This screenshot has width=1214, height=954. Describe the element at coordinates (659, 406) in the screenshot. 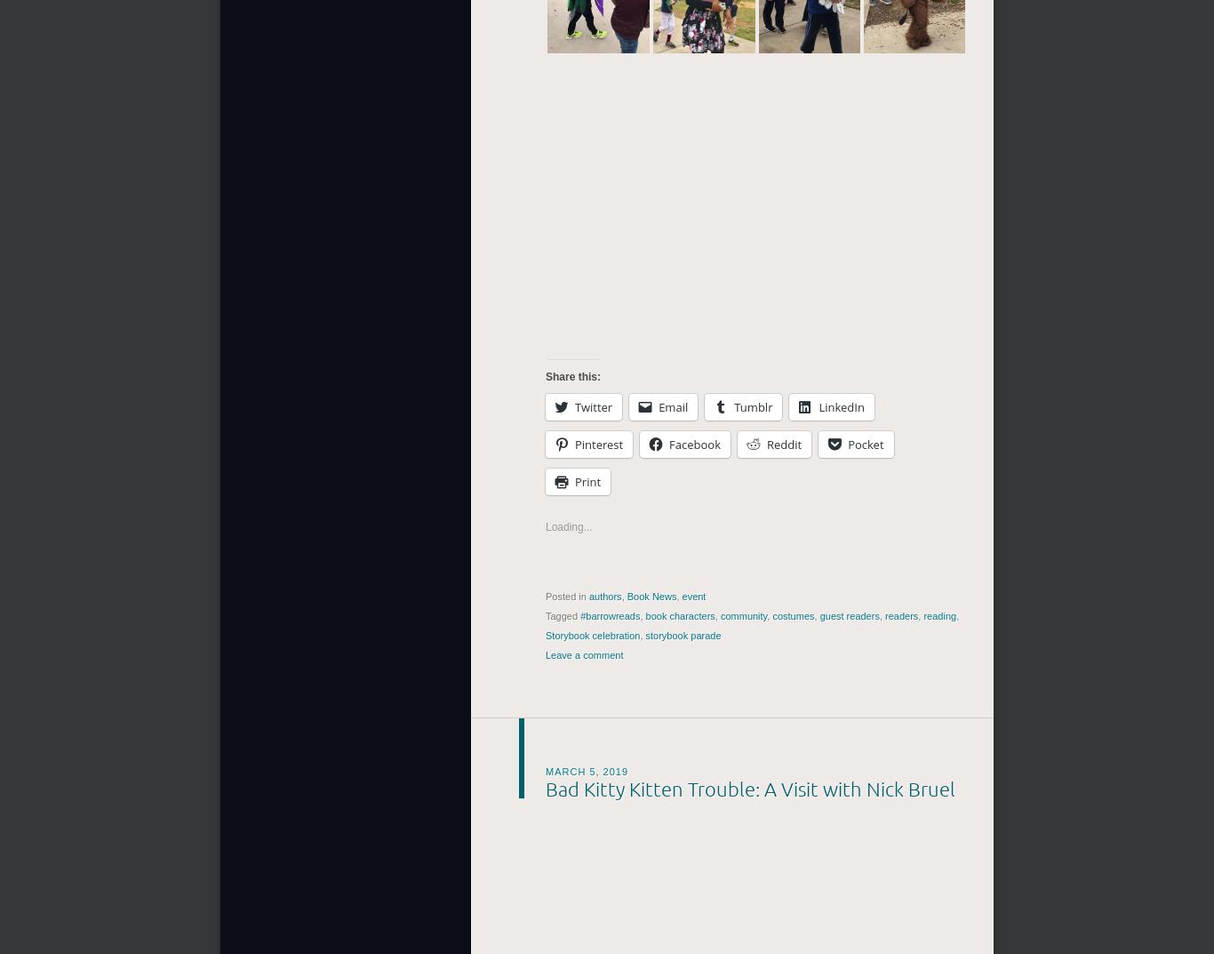

I see `'Email'` at that location.